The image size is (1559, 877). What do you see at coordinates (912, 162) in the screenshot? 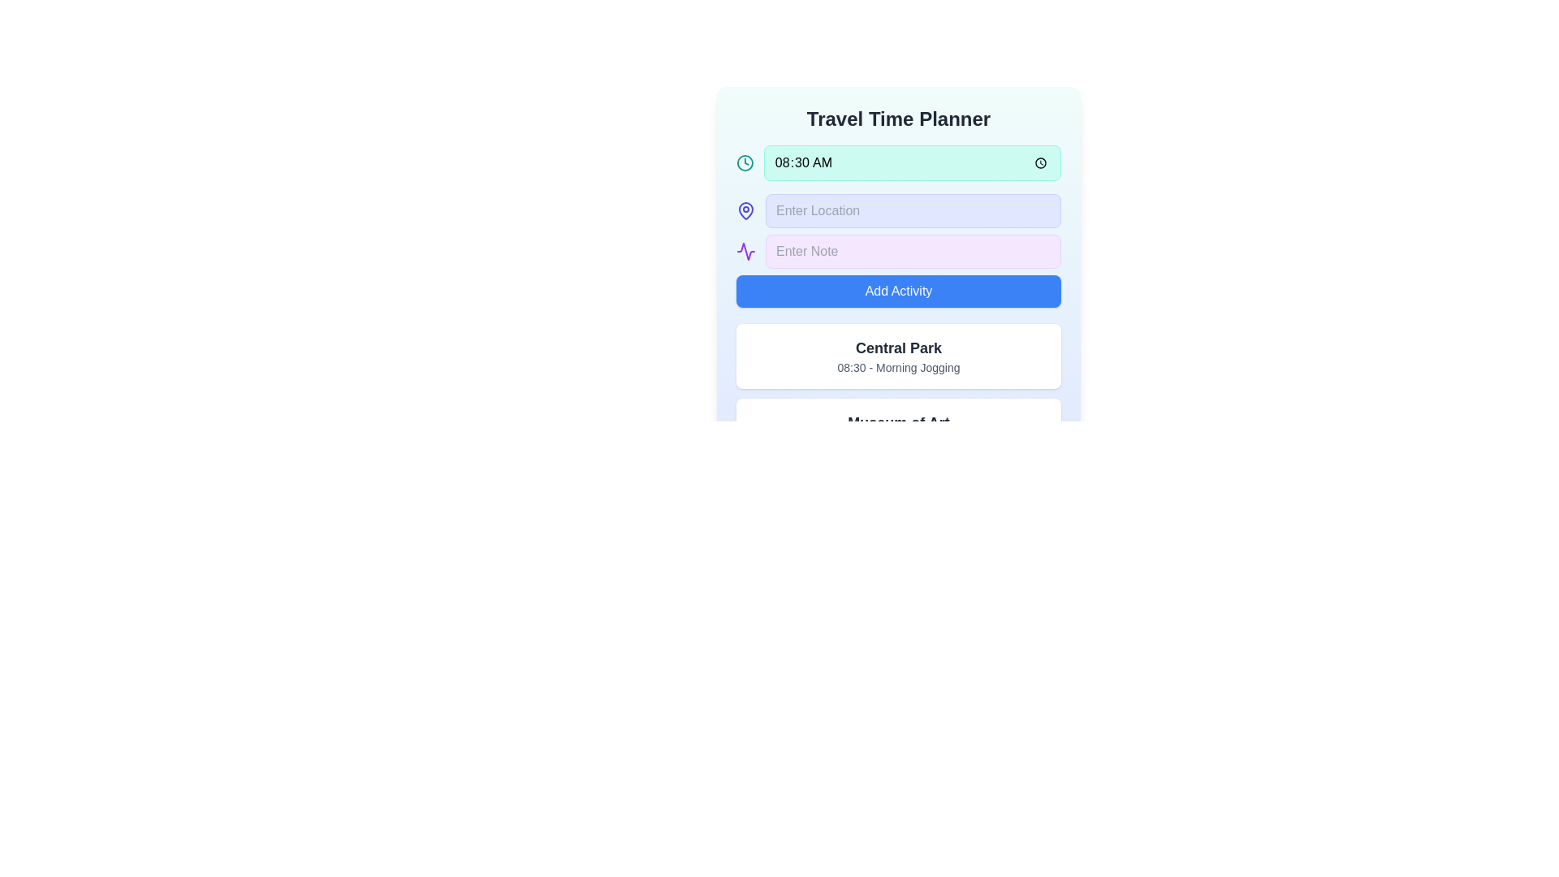
I see `the time` at bounding box center [912, 162].